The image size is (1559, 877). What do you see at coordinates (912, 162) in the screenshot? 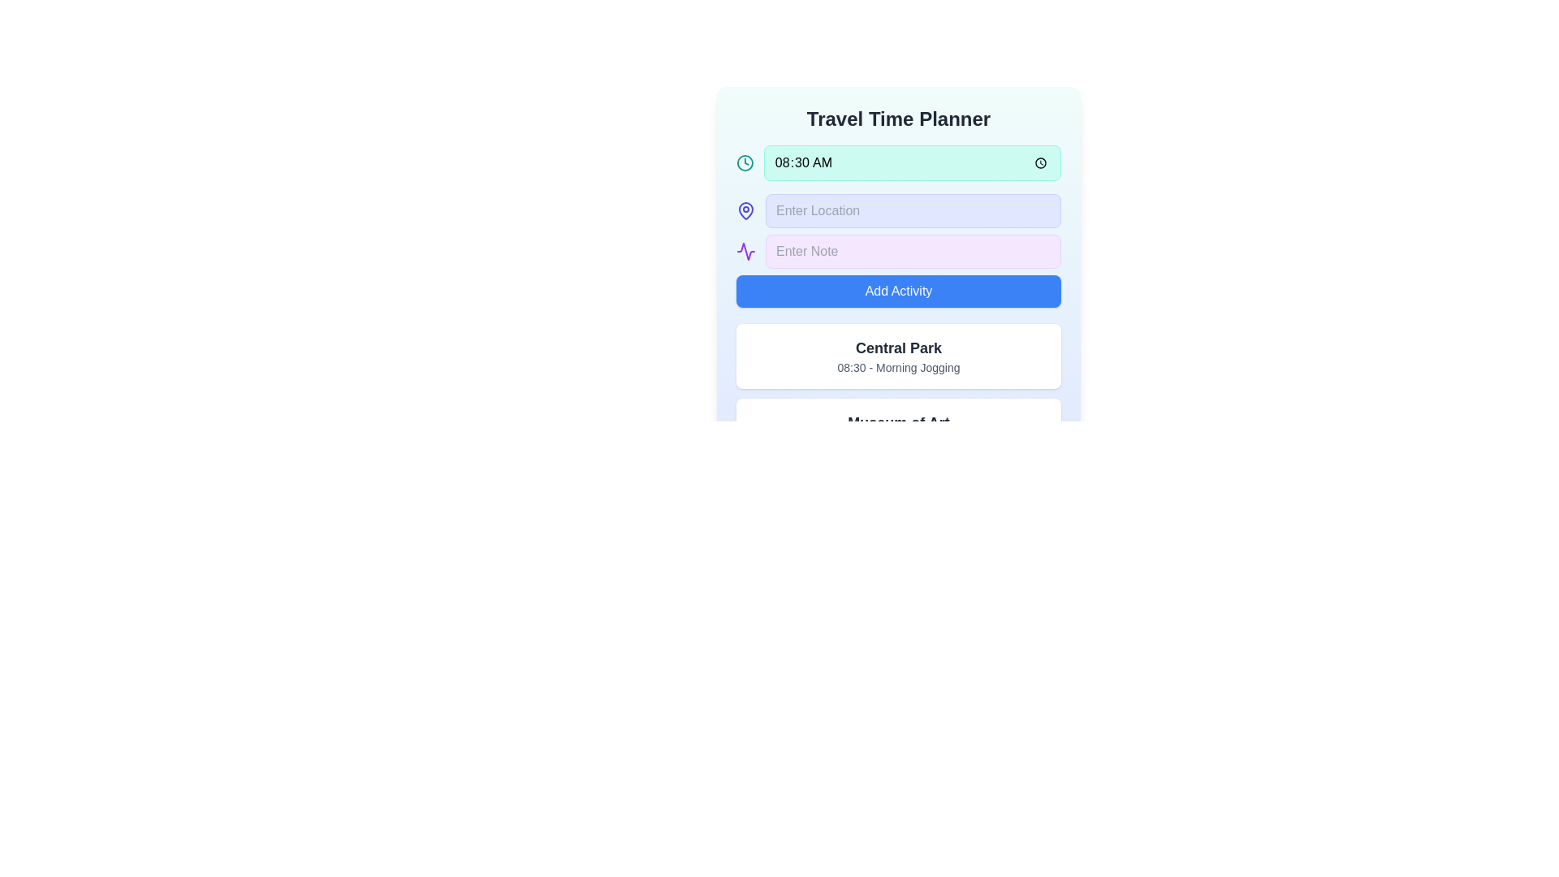
I see `the time` at bounding box center [912, 162].